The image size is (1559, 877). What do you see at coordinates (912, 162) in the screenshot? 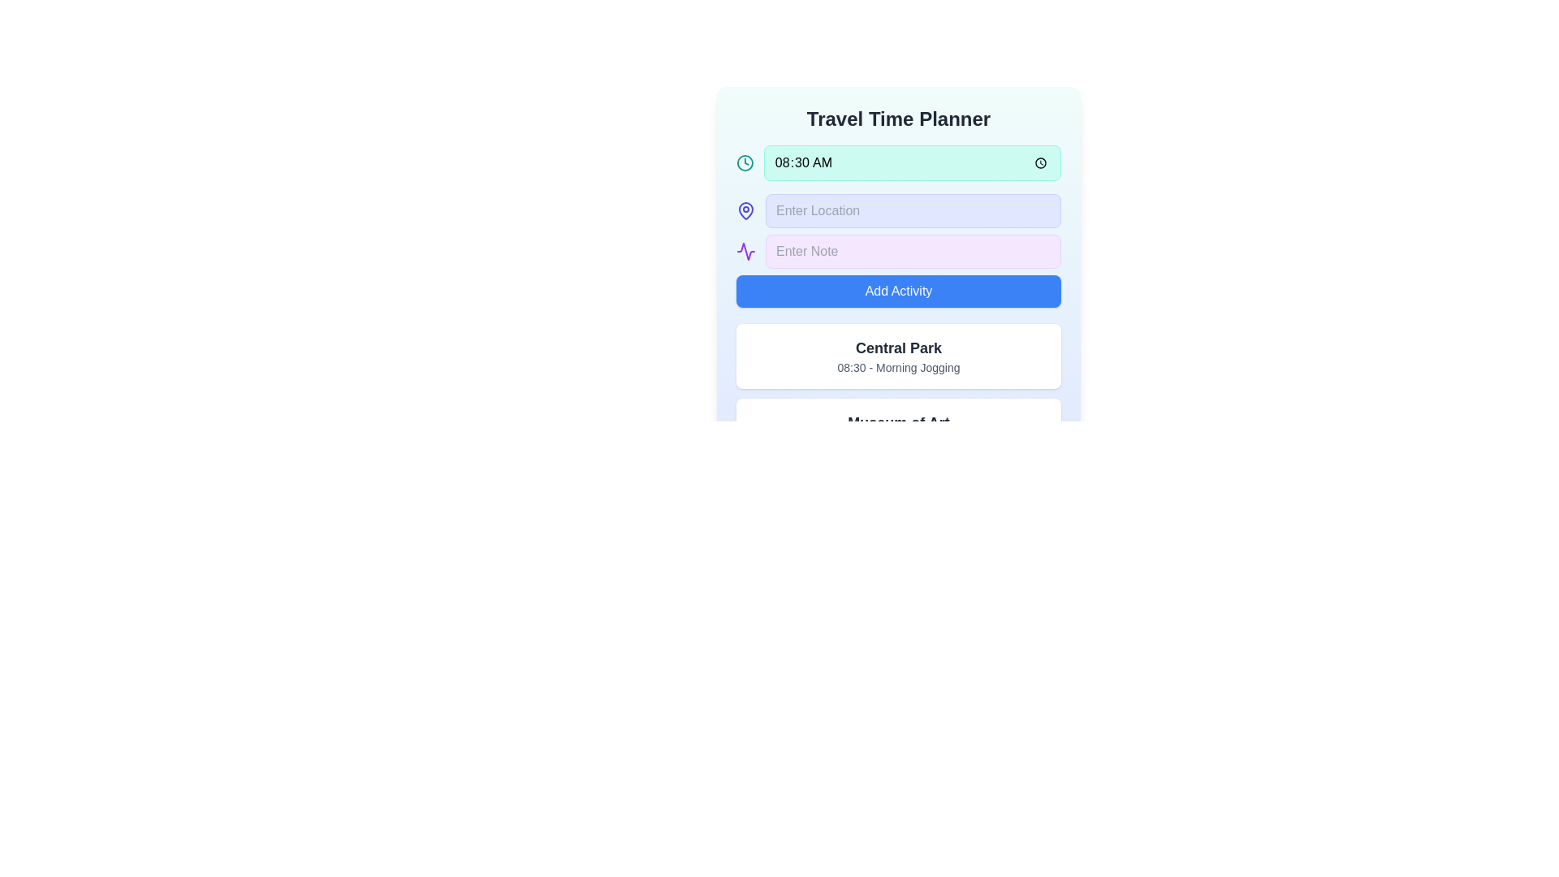
I see `the time` at bounding box center [912, 162].